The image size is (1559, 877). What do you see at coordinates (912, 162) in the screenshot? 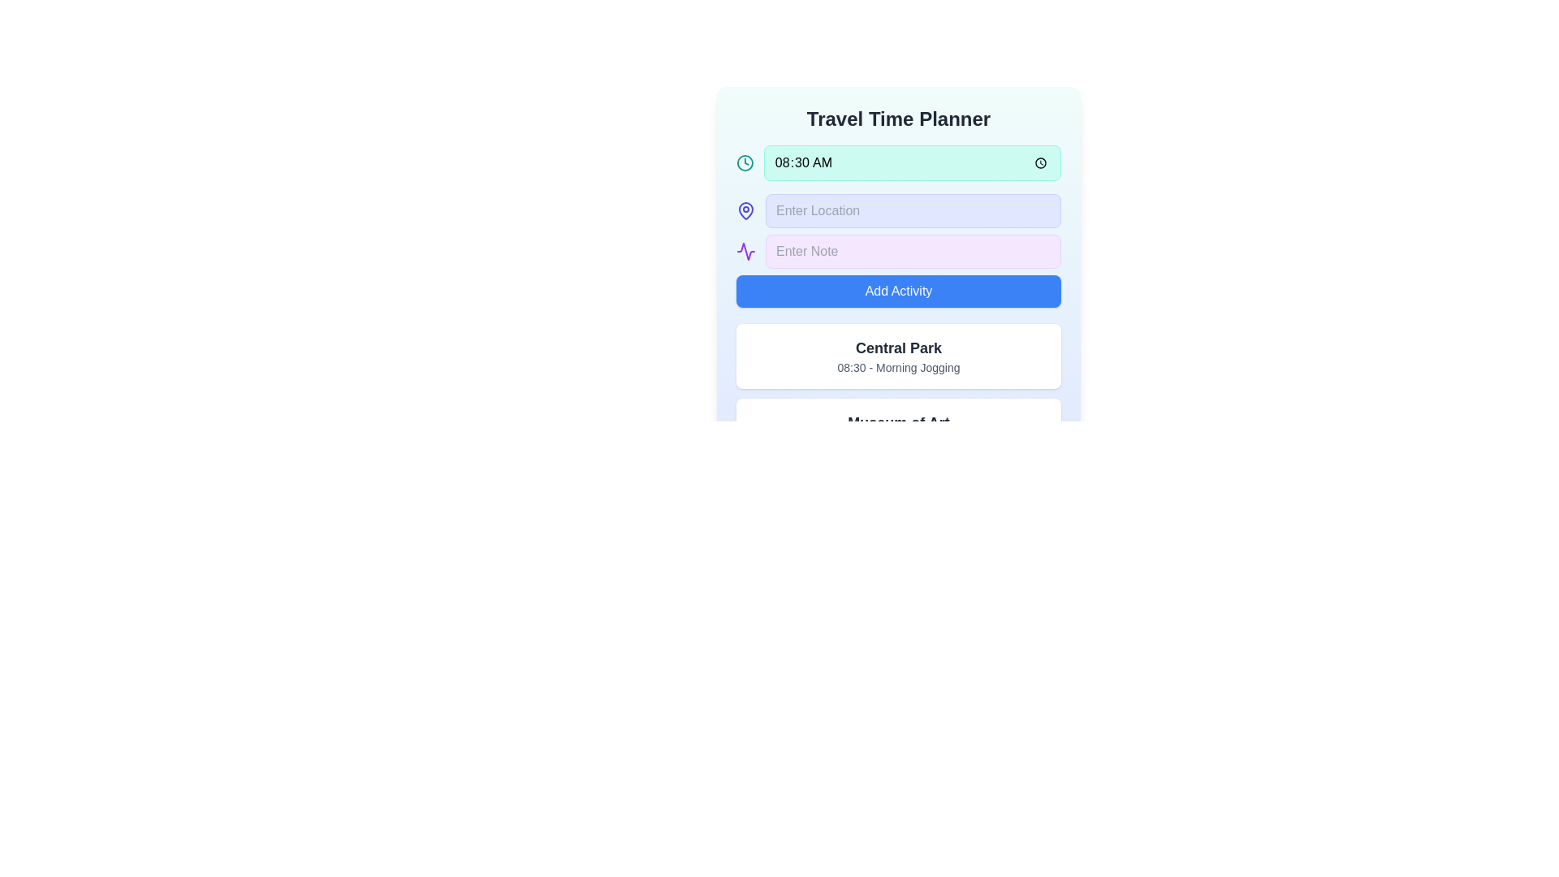
I see `the time` at bounding box center [912, 162].